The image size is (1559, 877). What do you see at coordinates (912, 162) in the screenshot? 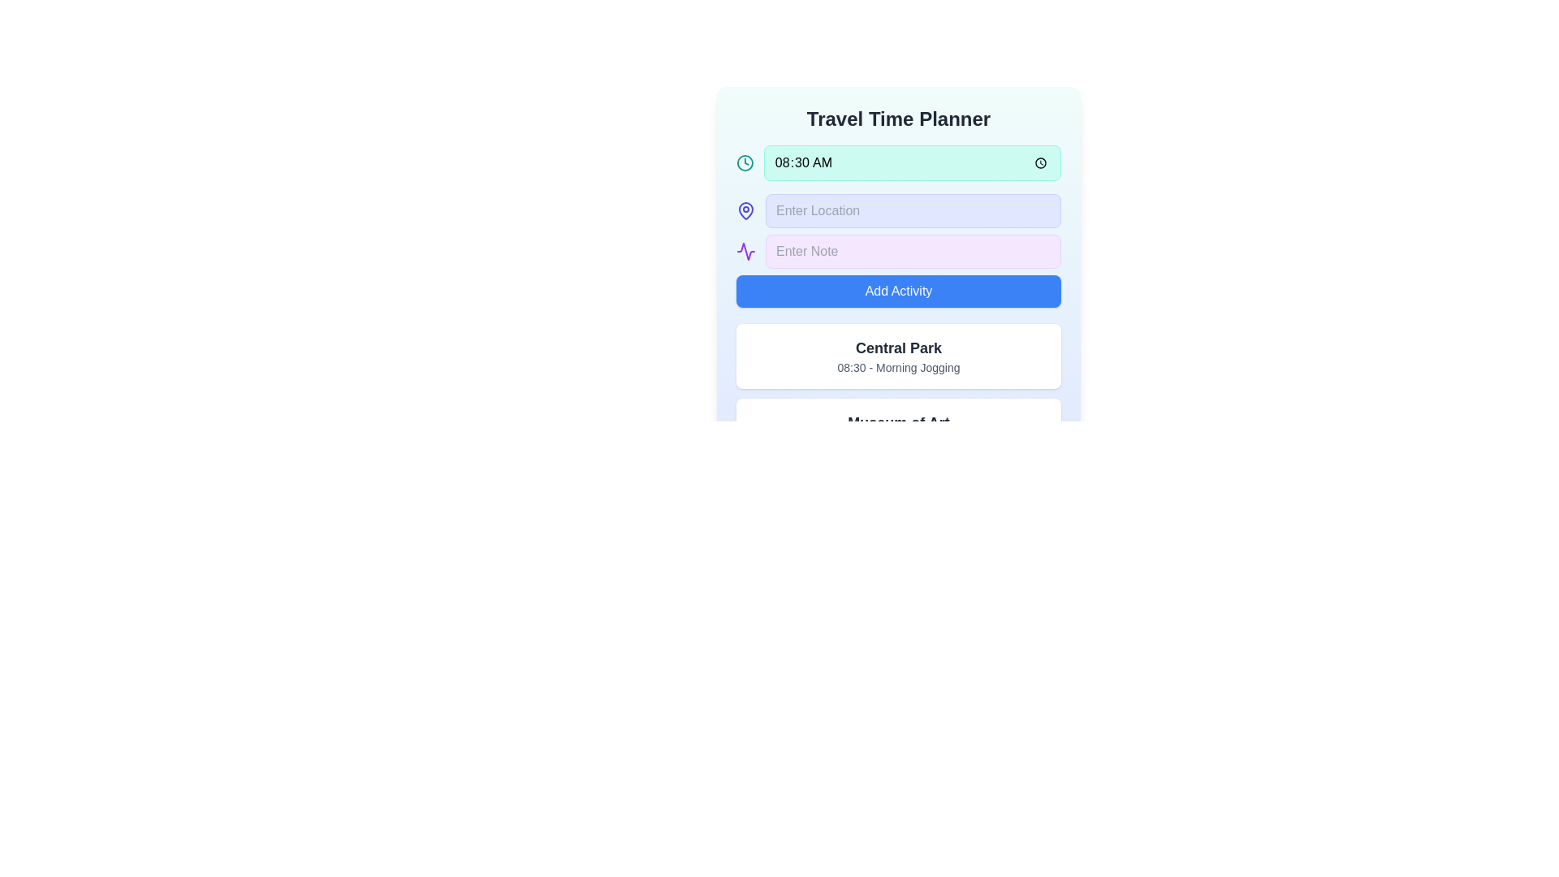
I see `the time` at bounding box center [912, 162].